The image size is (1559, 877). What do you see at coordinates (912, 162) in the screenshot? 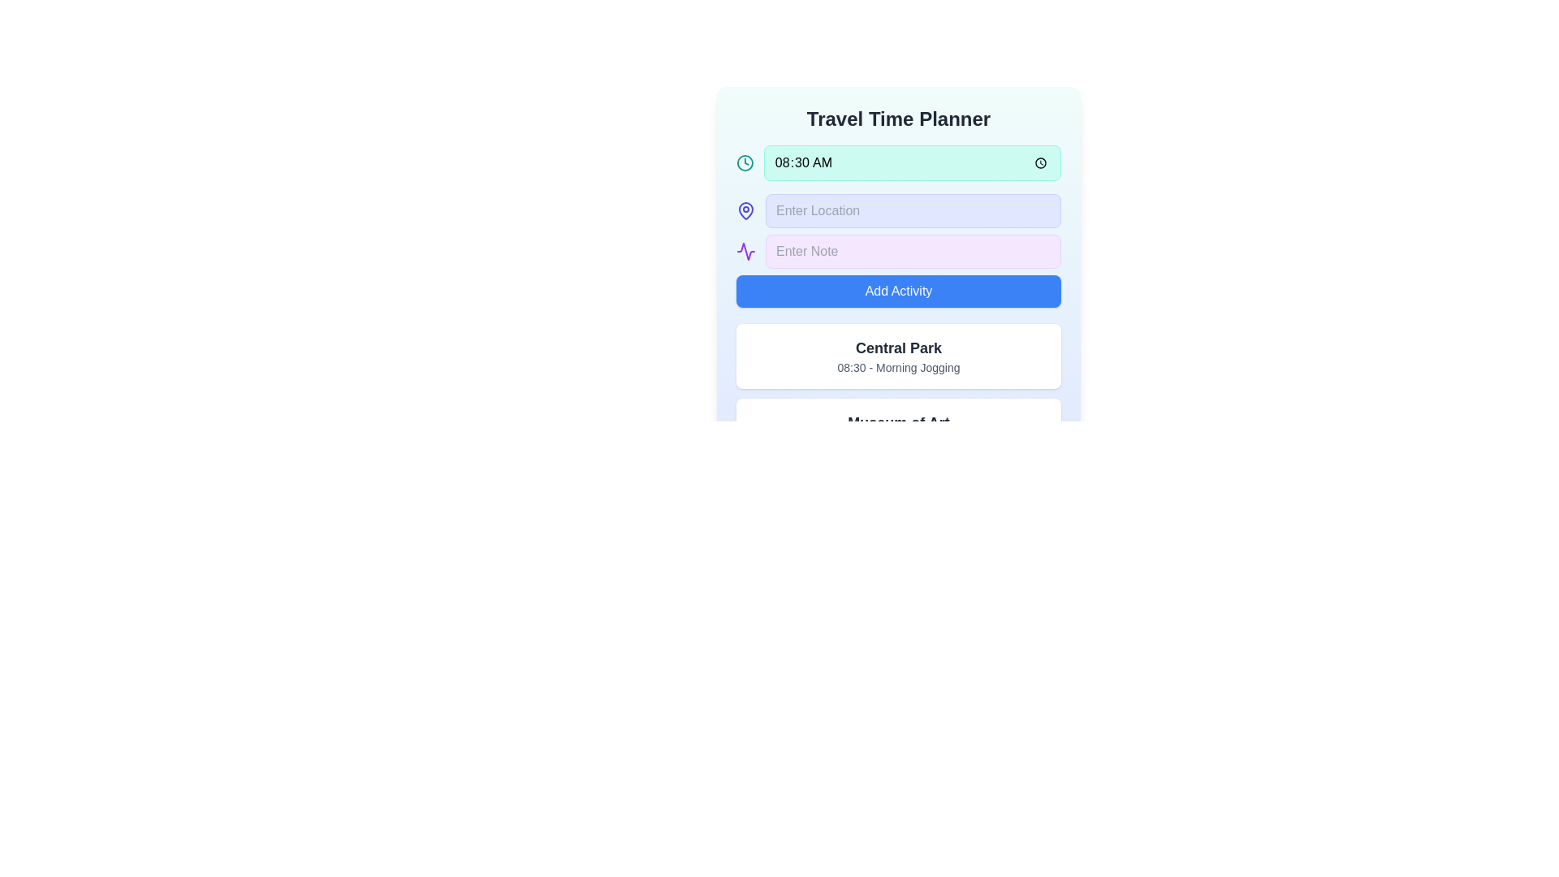
I see `the time` at bounding box center [912, 162].